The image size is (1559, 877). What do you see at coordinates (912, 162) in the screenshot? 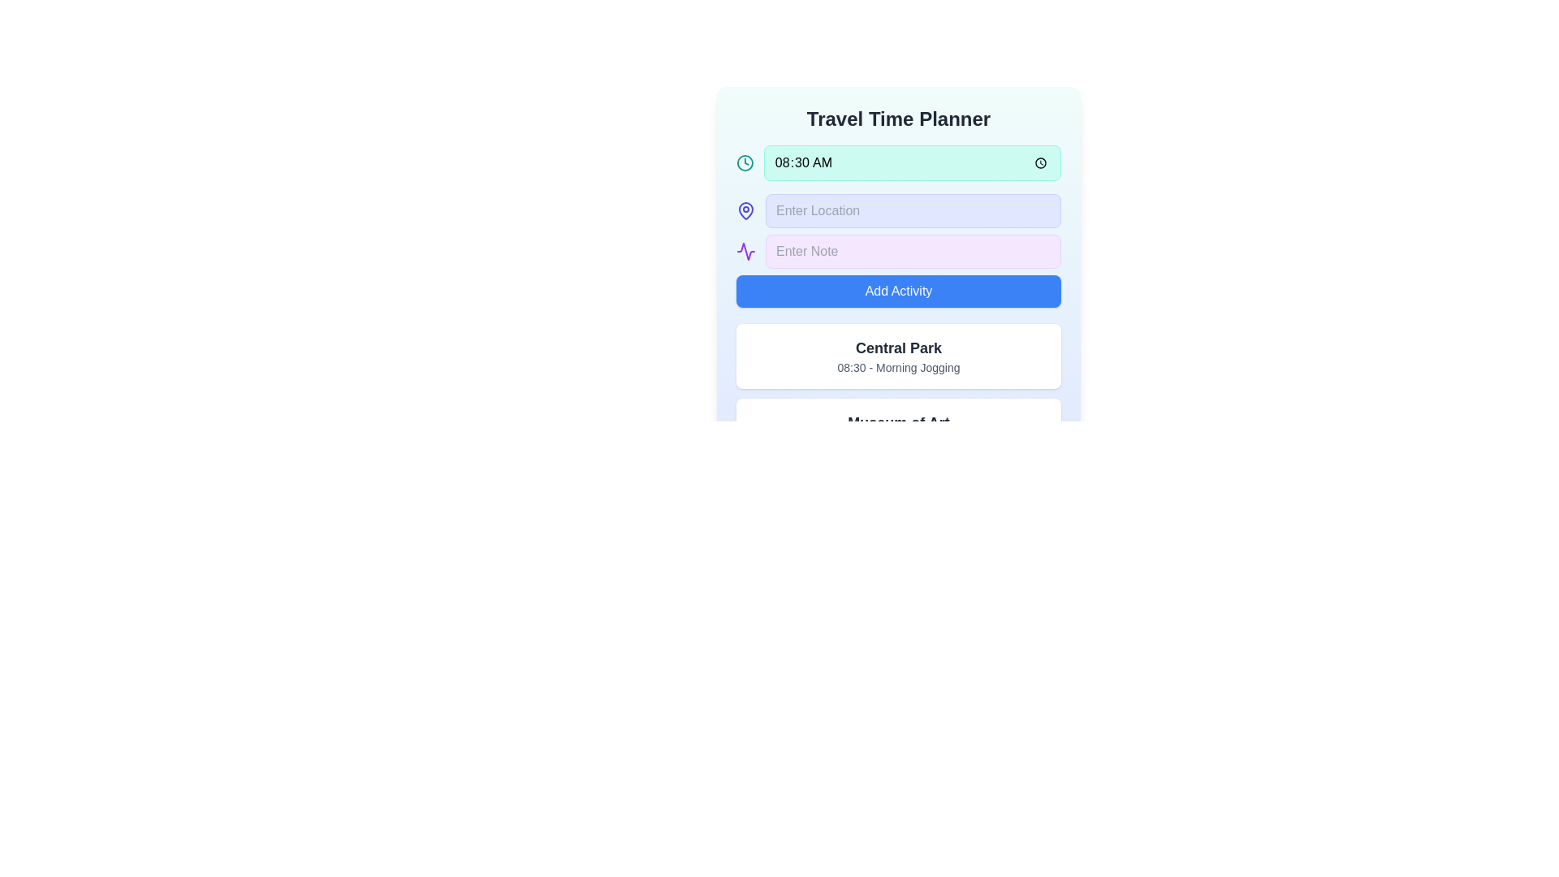
I see `the time` at bounding box center [912, 162].